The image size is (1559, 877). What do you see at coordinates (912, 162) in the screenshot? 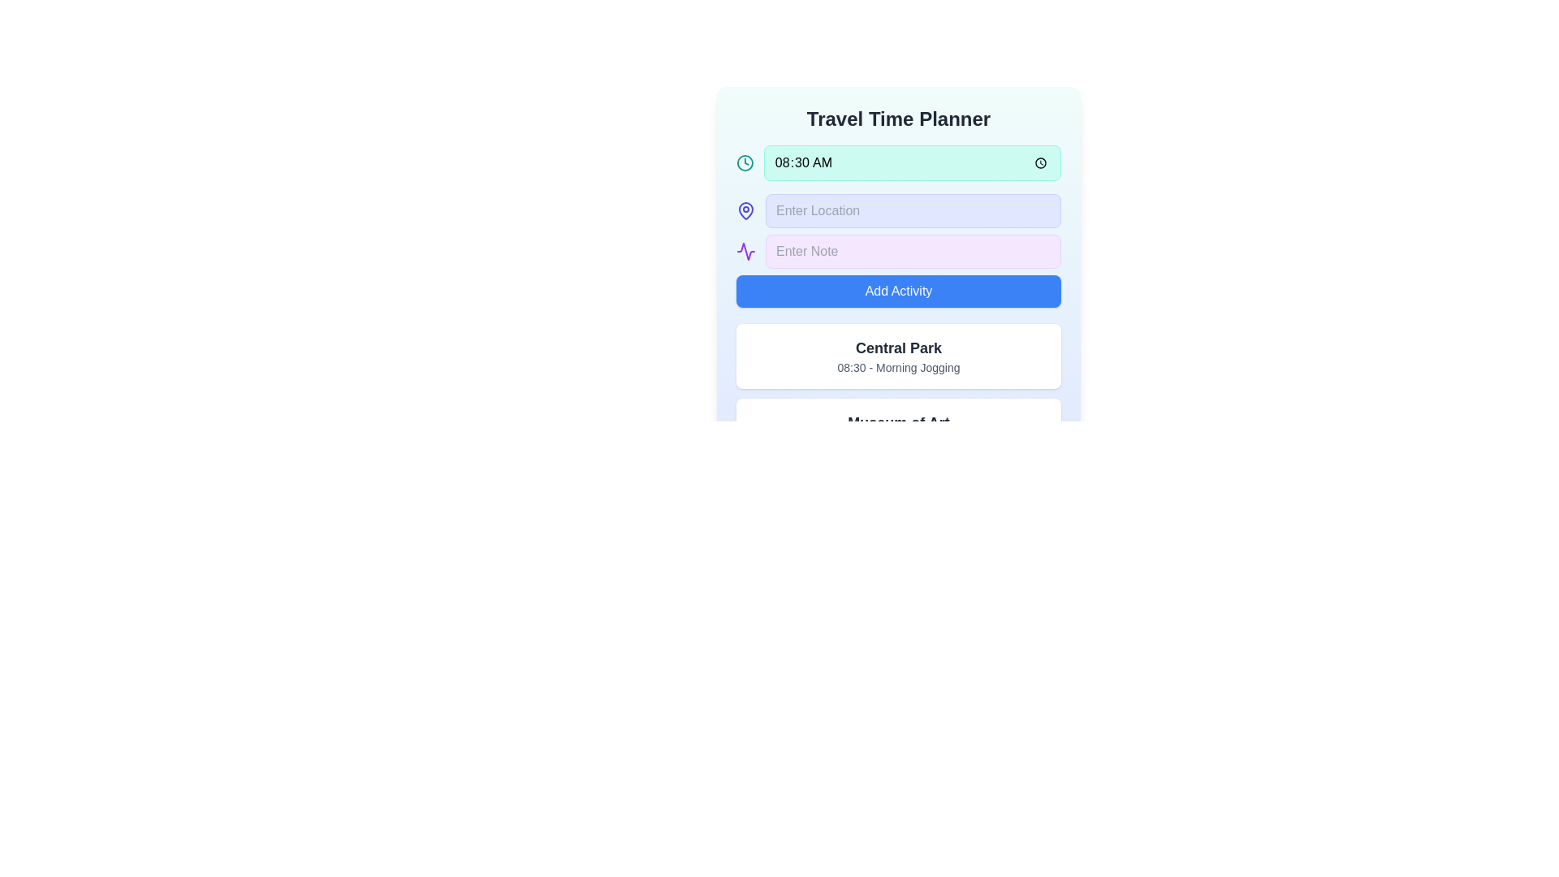
I see `the time` at bounding box center [912, 162].